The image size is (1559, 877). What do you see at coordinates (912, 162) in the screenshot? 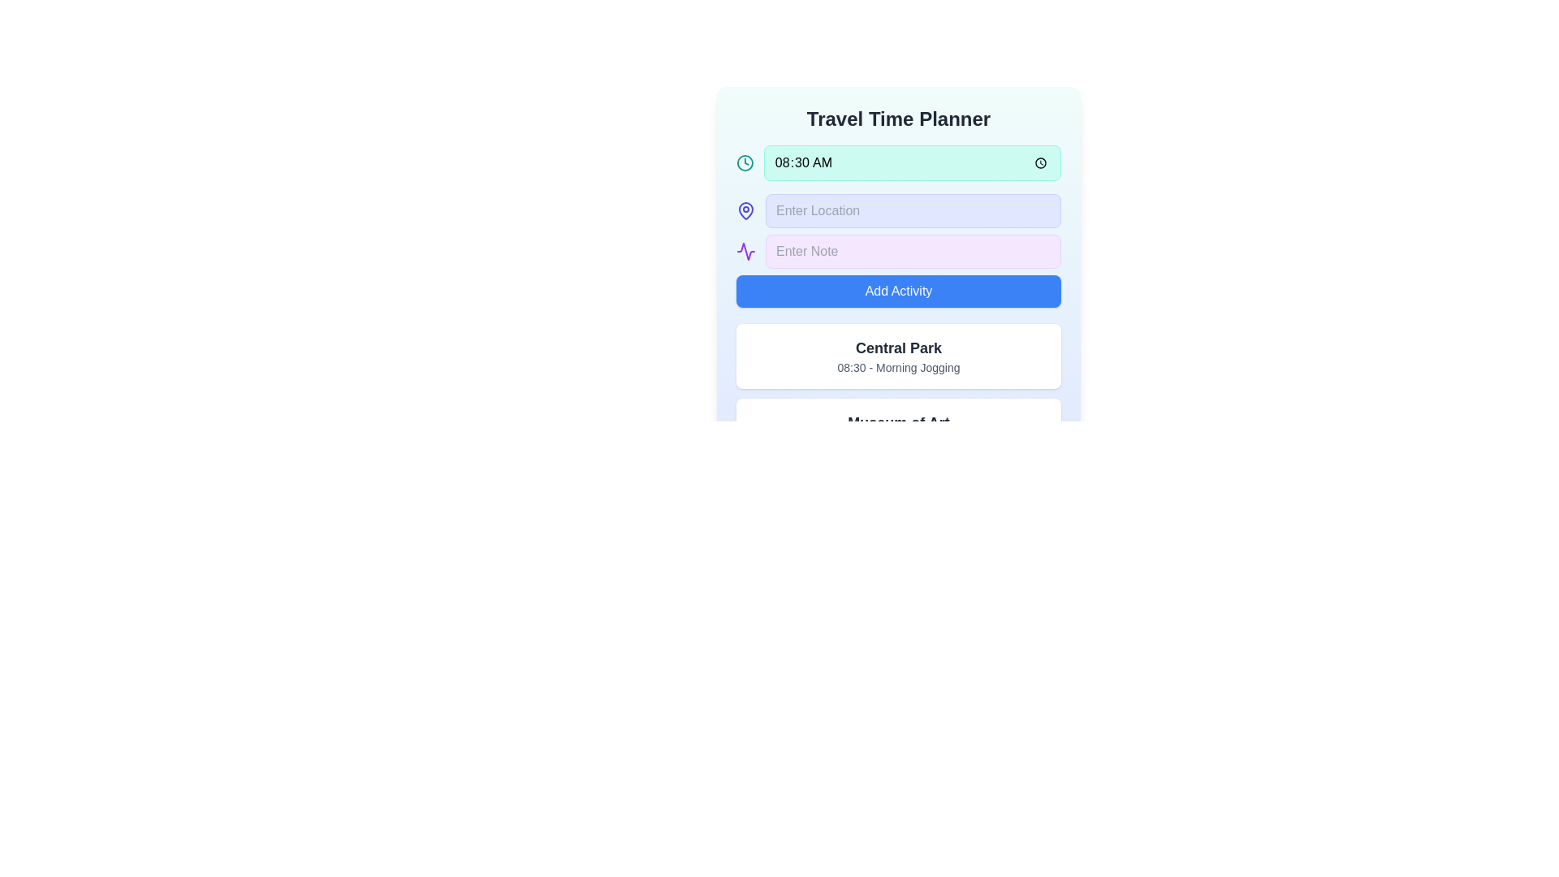
I see `the time` at bounding box center [912, 162].